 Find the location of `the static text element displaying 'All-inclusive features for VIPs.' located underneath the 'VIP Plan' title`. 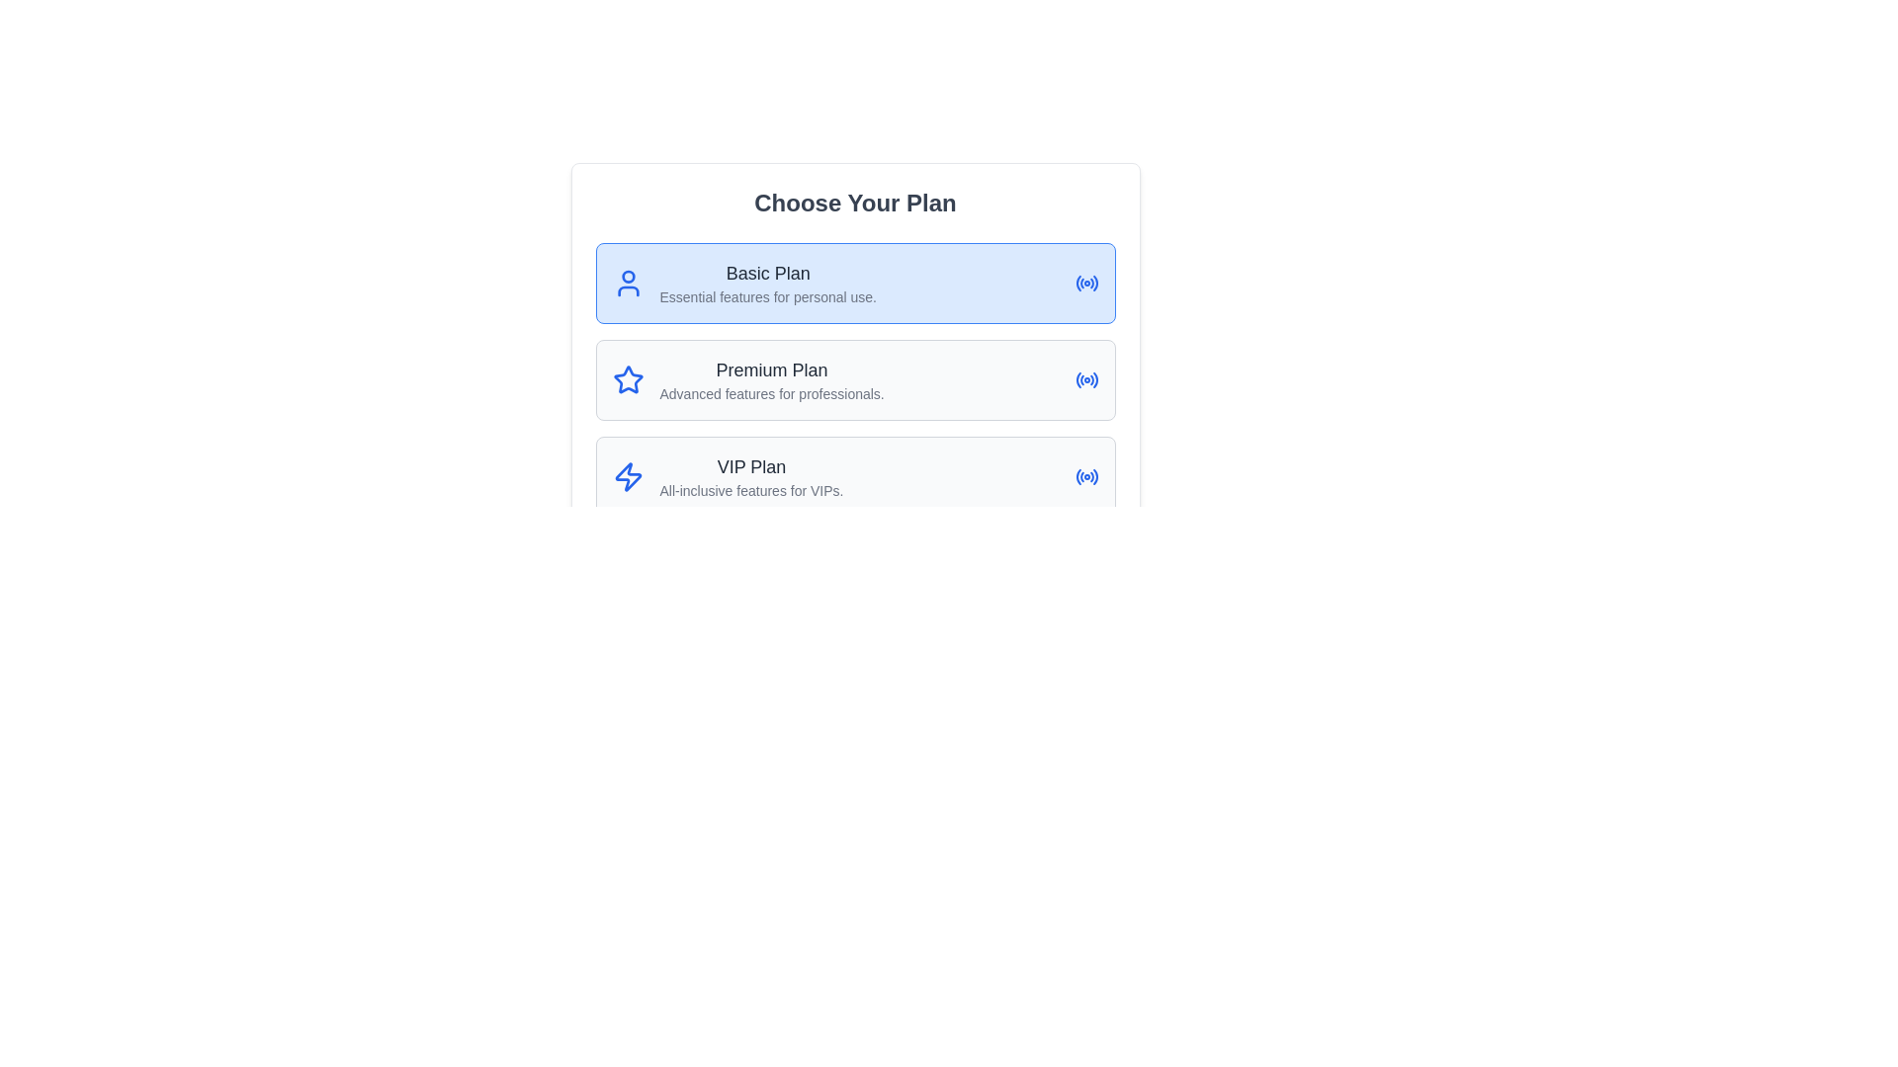

the static text element displaying 'All-inclusive features for VIPs.' located underneath the 'VIP Plan' title is located at coordinates (750, 490).